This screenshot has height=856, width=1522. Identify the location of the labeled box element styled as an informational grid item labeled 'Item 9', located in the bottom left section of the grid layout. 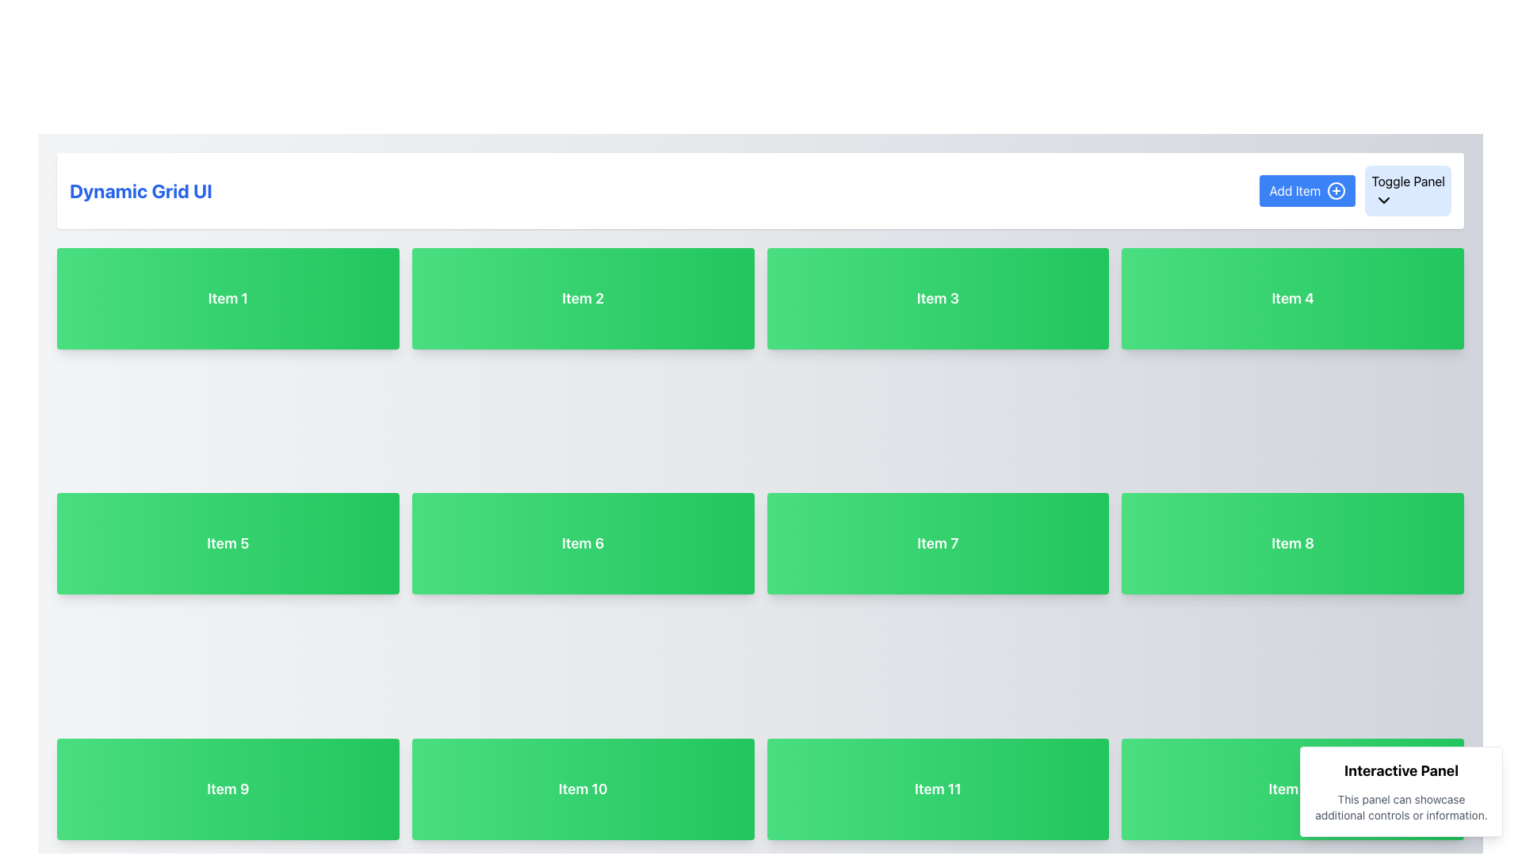
(227, 789).